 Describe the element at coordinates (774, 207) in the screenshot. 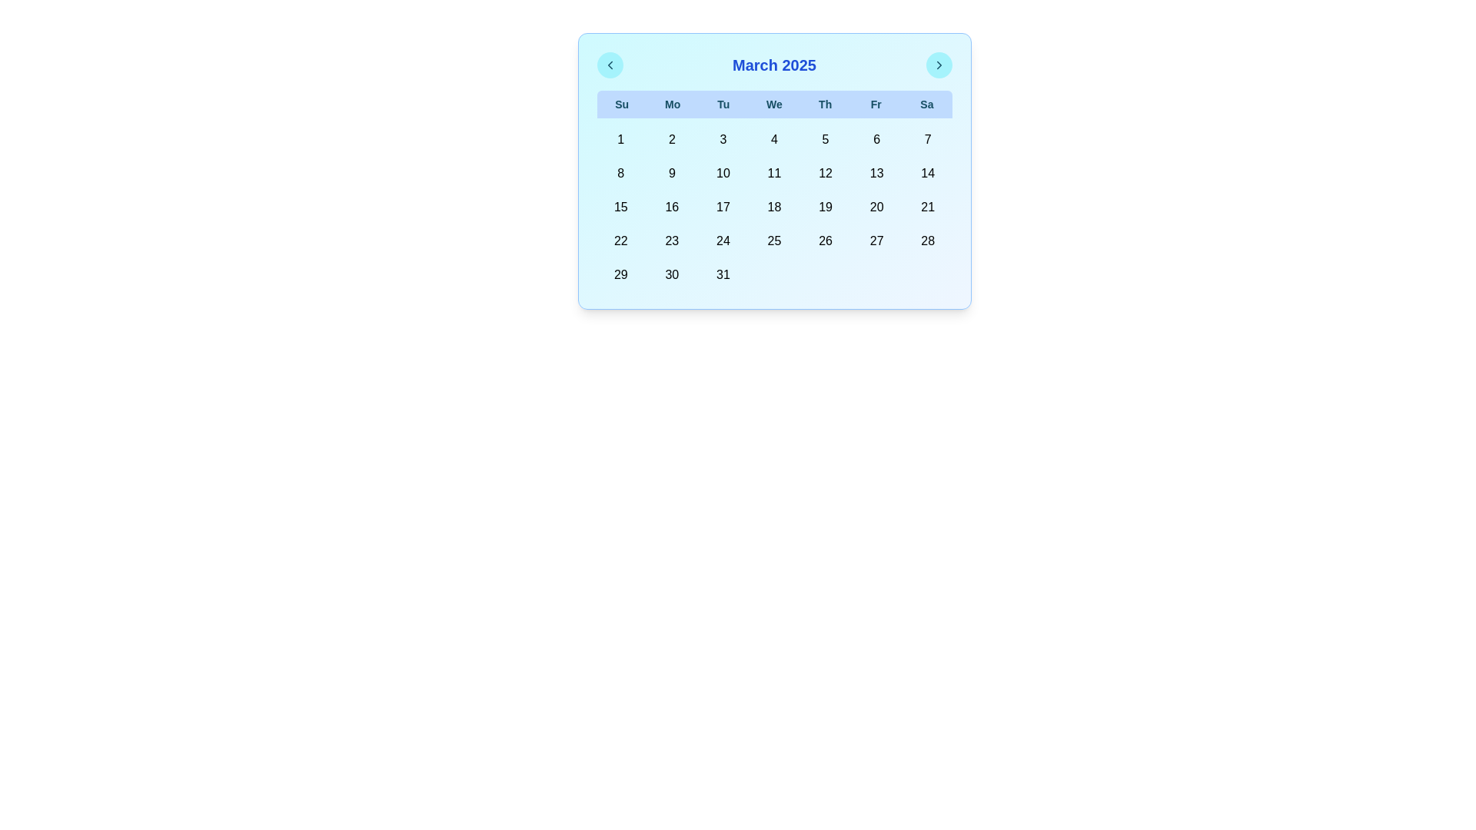

I see `the button representing the date '18' in the calendar interface` at that location.